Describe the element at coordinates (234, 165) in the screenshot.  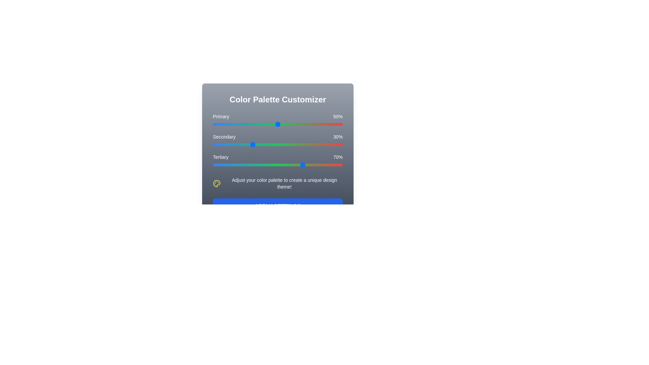
I see `the tertiary color value` at that location.